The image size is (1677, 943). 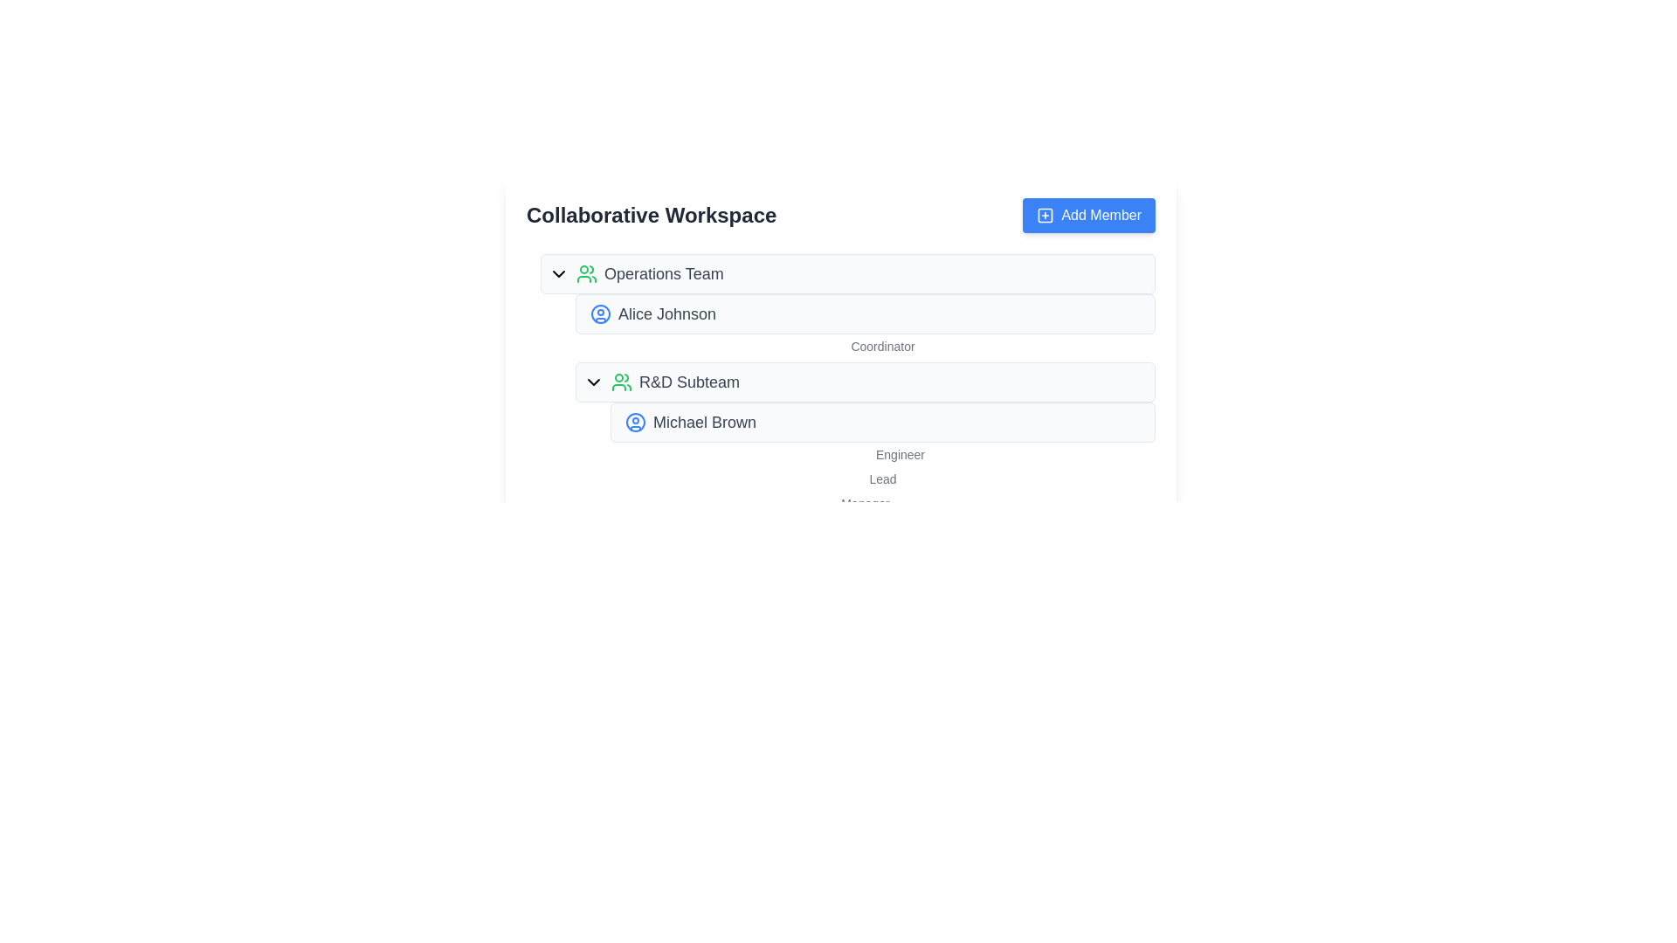 What do you see at coordinates (690, 422) in the screenshot?
I see `the Label with the associated icon for the first team member in the 'R&D Subteam' section` at bounding box center [690, 422].